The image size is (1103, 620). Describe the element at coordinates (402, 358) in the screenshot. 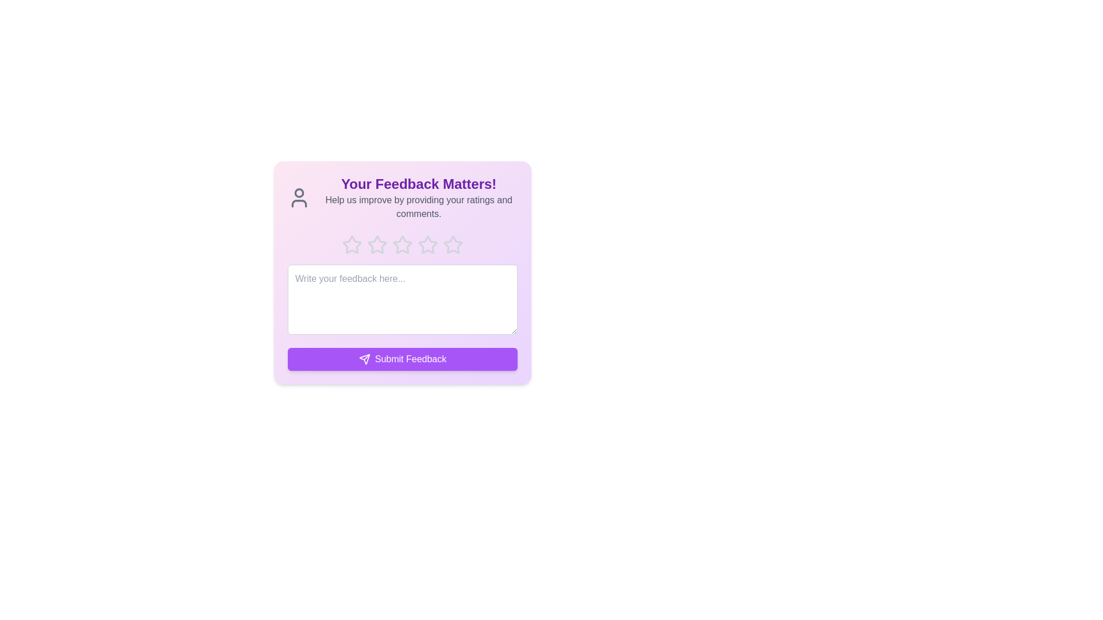

I see `the 'Submit Feedback' button to submit the feedback` at that location.